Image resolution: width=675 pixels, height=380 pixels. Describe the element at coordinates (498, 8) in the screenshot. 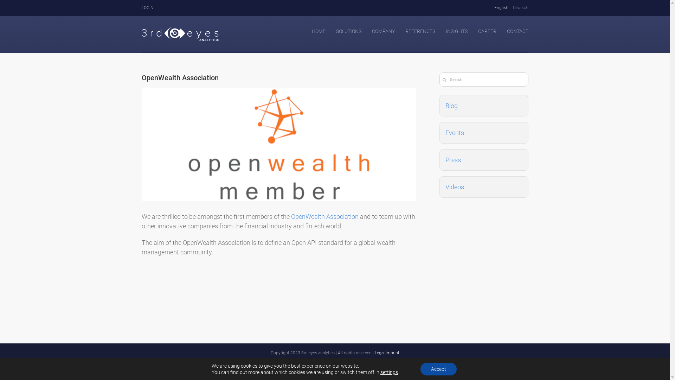

I see `'English'` at that location.